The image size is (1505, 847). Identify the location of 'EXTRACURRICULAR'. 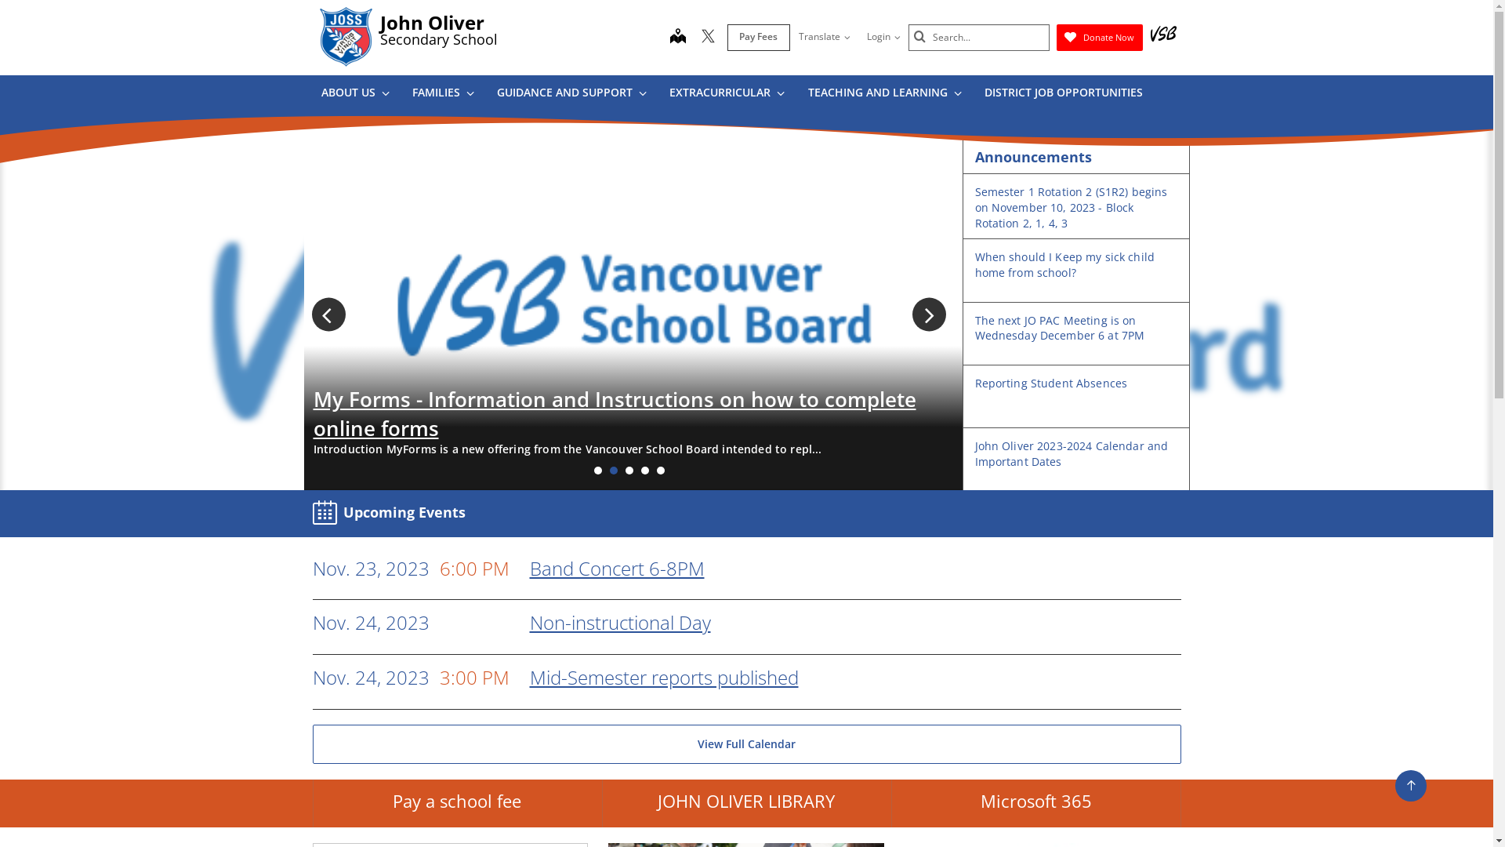
(725, 95).